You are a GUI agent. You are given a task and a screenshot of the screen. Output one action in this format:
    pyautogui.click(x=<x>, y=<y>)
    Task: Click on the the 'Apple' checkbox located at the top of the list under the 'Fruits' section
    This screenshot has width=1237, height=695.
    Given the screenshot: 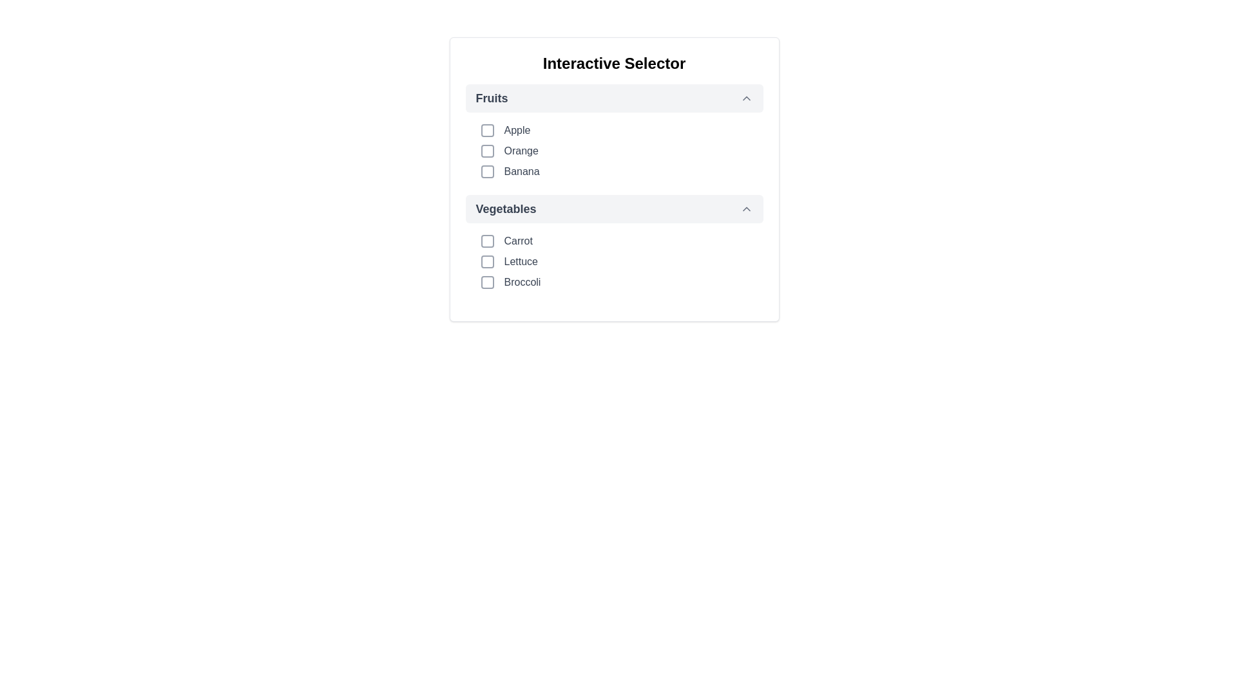 What is the action you would take?
    pyautogui.click(x=622, y=131)
    